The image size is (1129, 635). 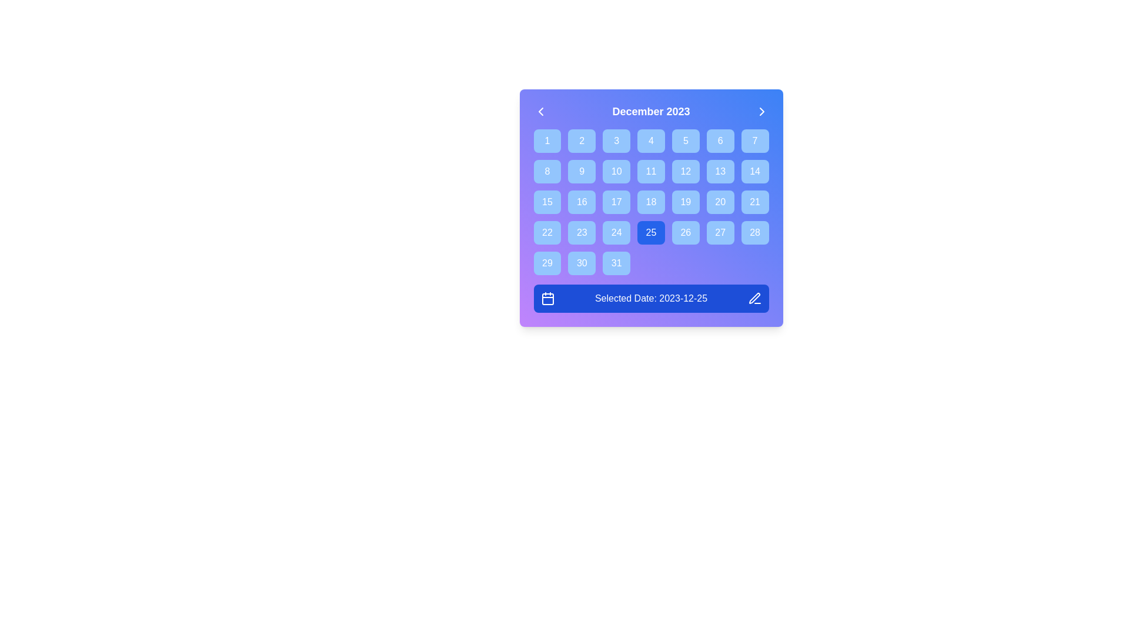 What do you see at coordinates (616, 262) in the screenshot?
I see `the button representing the 31st day in the calendar view to trigger the hover effect` at bounding box center [616, 262].